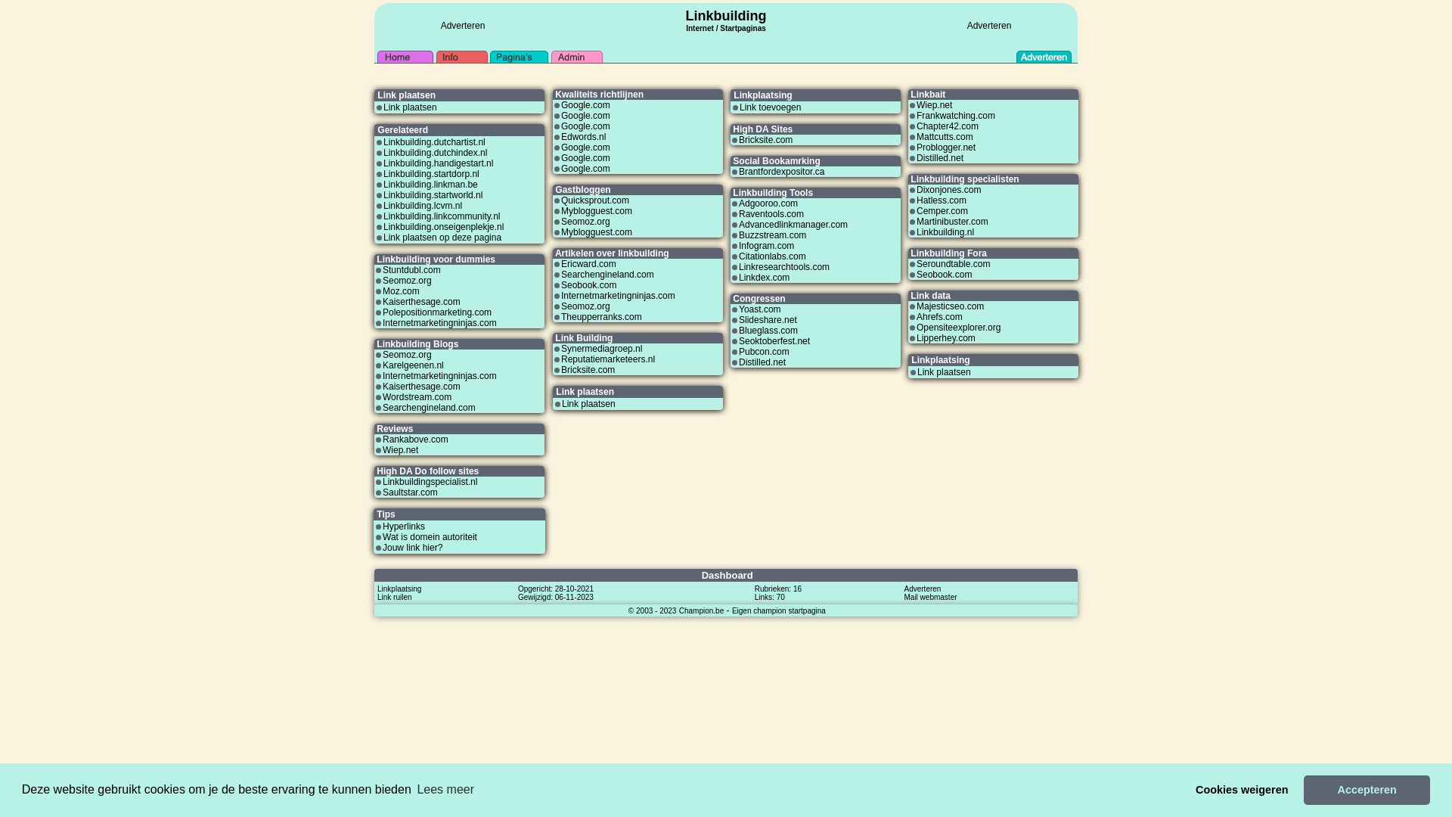 The height and width of the screenshot is (817, 1452). Describe the element at coordinates (770, 107) in the screenshot. I see `'Link toevoegen'` at that location.